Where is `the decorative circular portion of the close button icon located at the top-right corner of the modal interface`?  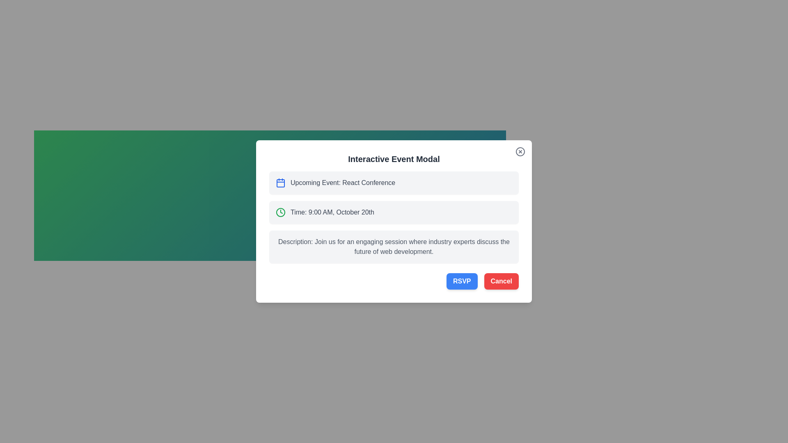
the decorative circular portion of the close button icon located at the top-right corner of the modal interface is located at coordinates (520, 152).